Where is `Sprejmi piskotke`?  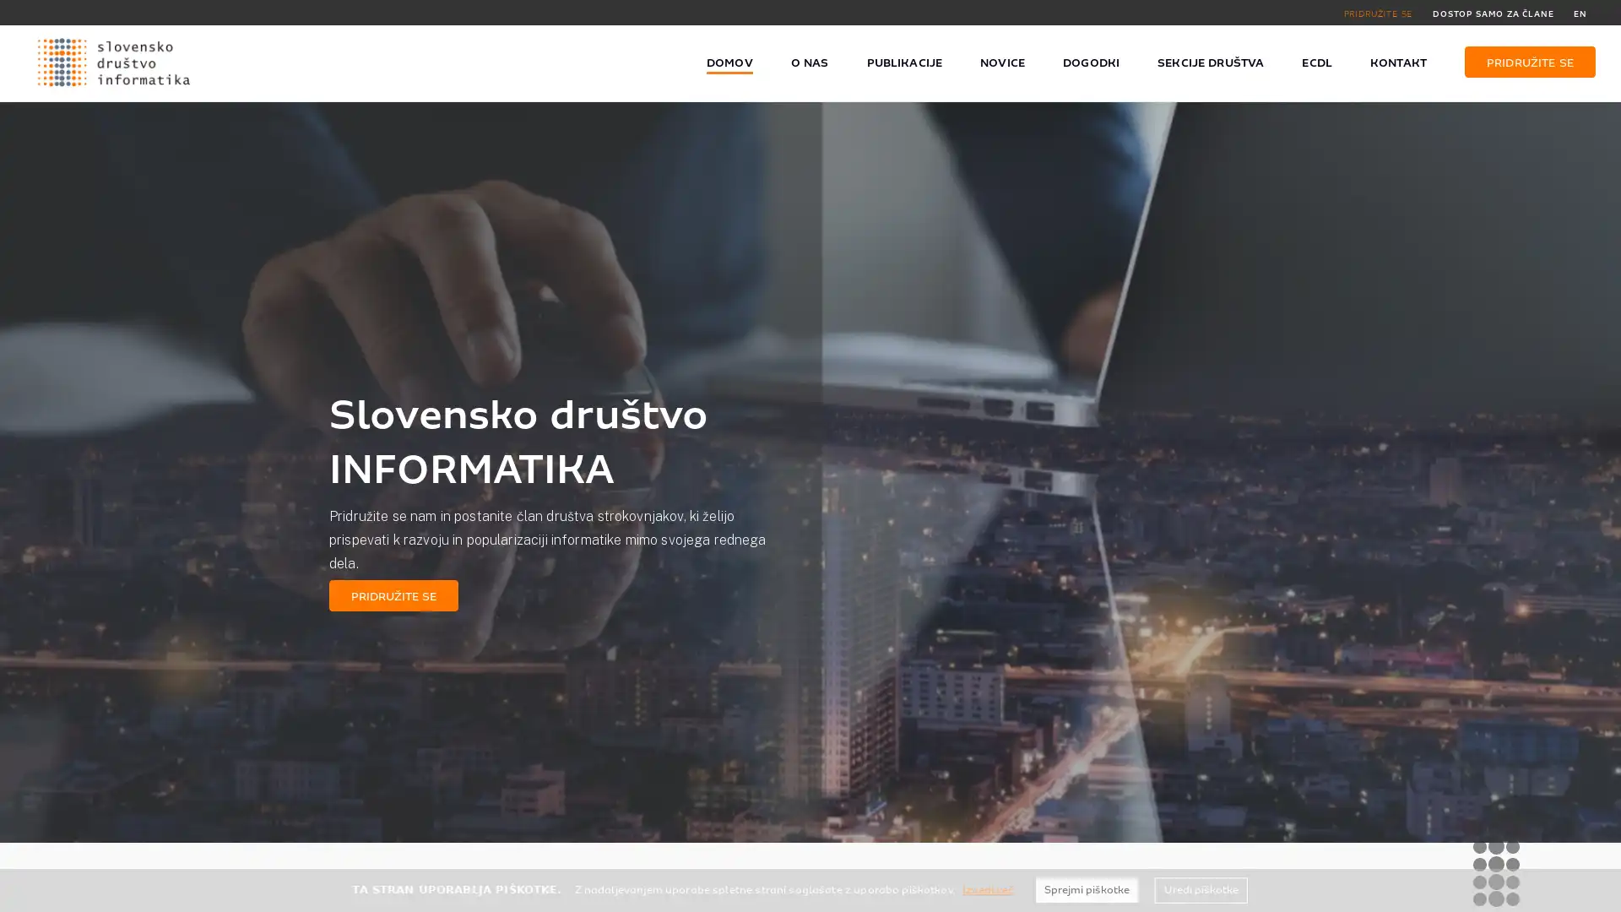 Sprejmi piskotke is located at coordinates (1086, 889).